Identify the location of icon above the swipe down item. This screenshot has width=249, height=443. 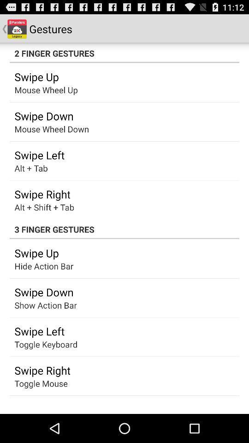
(38, 266).